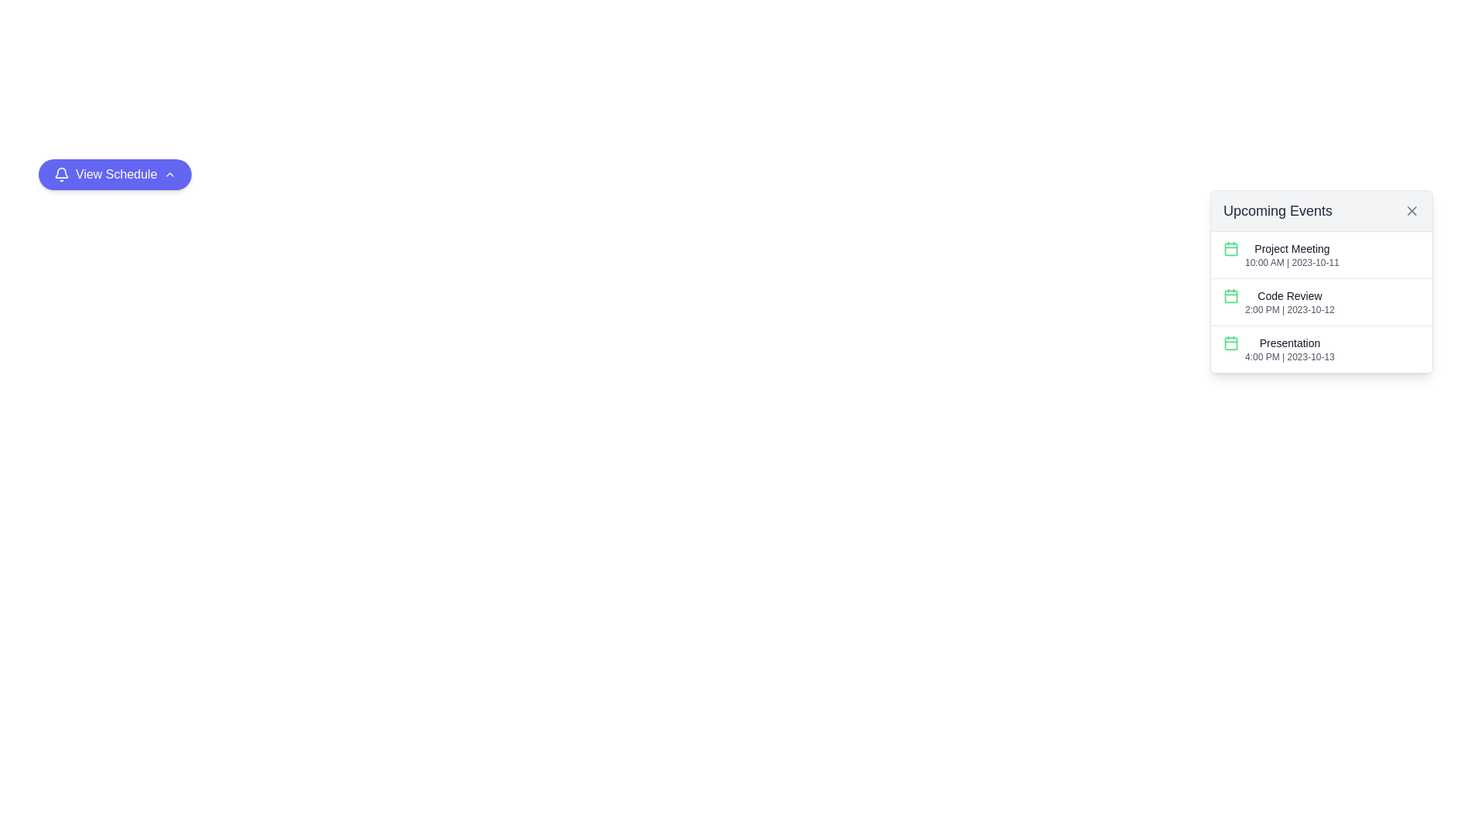  Describe the element at coordinates (1320, 349) in the screenshot. I see `the third item` at that location.